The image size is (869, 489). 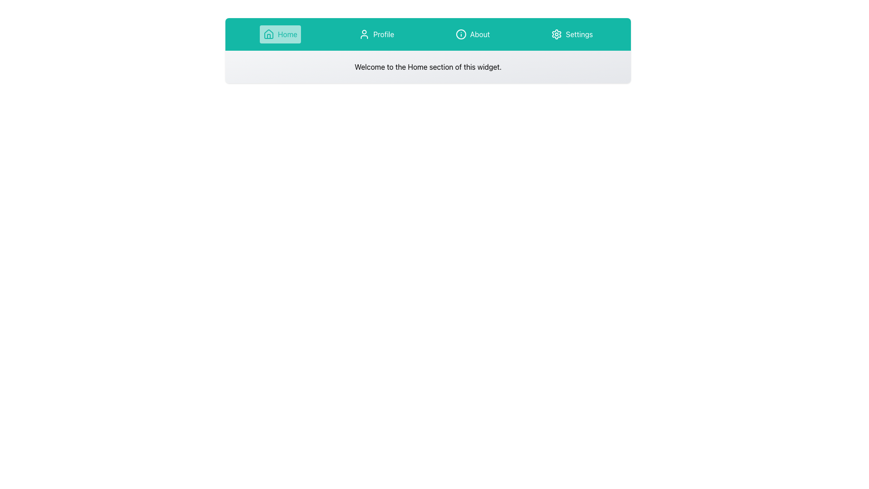 I want to click on the 'Home' text label, which is styled in teal and positioned at the end of the menu bar, following a house-shaped icon, so click(x=287, y=34).